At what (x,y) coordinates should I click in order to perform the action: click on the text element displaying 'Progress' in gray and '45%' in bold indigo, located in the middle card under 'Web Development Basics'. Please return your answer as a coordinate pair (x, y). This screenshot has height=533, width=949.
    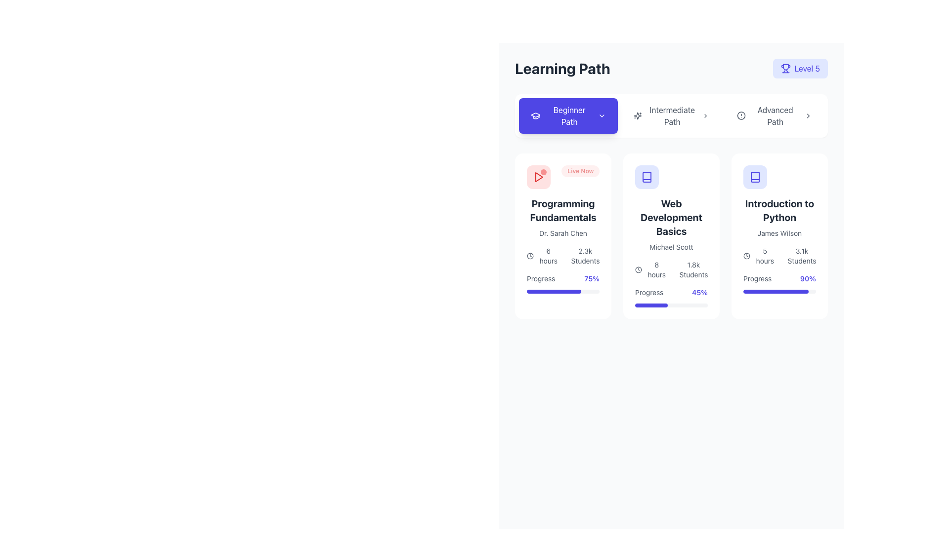
    Looking at the image, I should click on (671, 292).